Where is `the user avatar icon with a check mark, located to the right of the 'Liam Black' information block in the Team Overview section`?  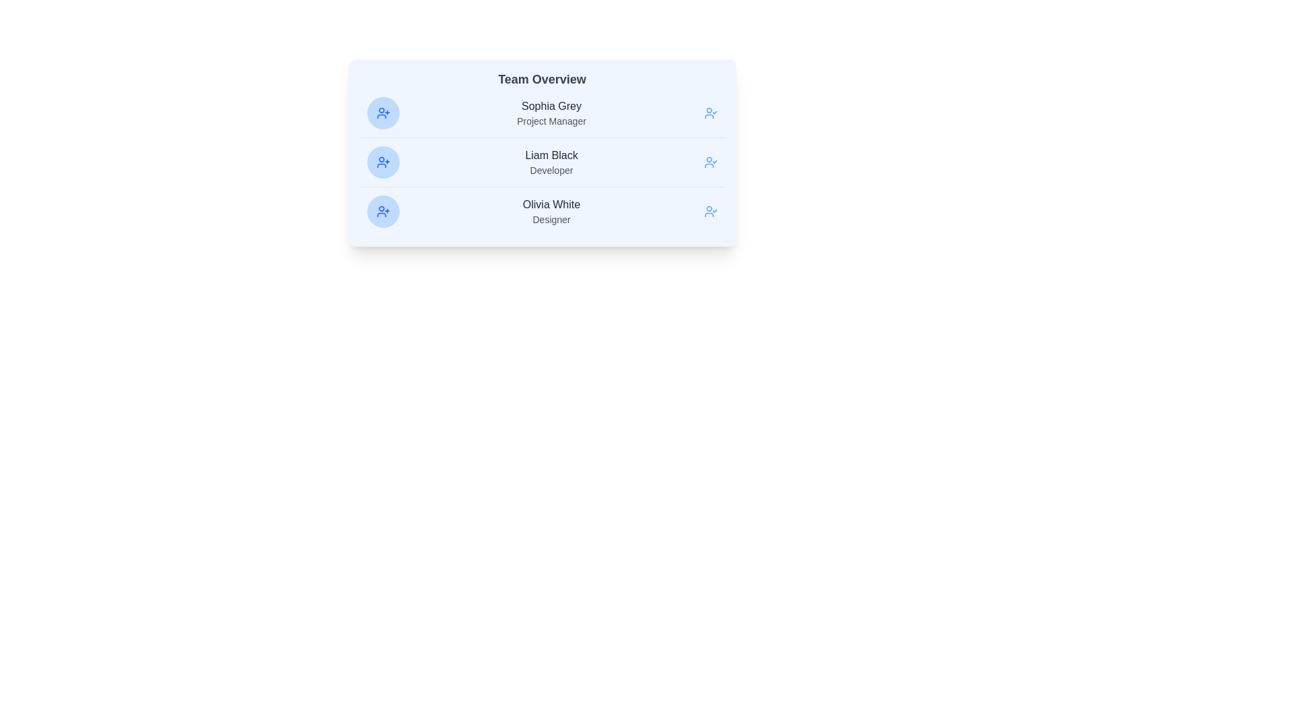
the user avatar icon with a check mark, located to the right of the 'Liam Black' information block in the Team Overview section is located at coordinates (710, 161).